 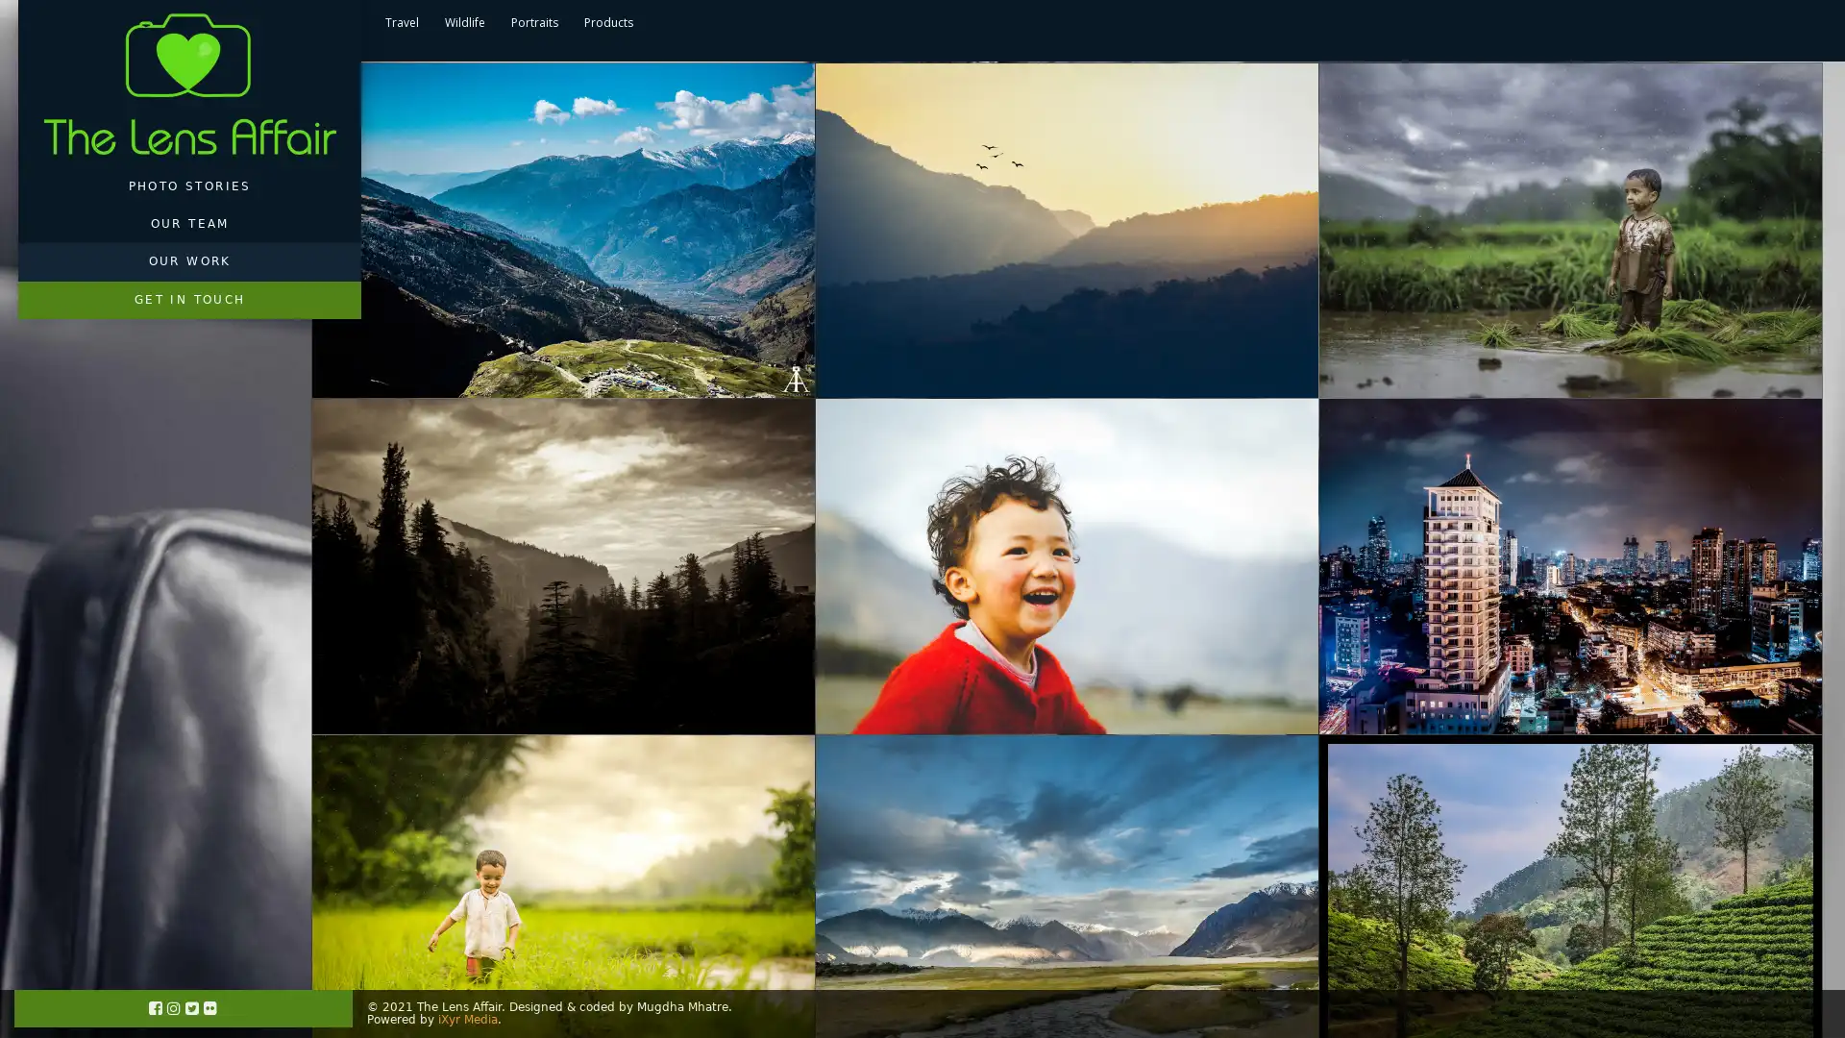 I want to click on Wildlife, so click(x=464, y=22).